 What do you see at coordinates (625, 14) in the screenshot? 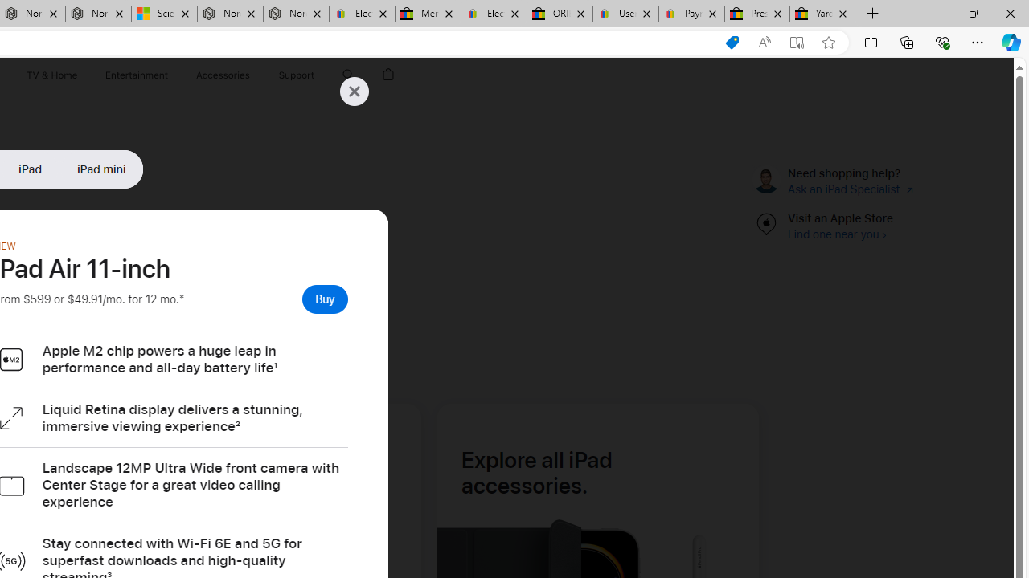
I see `'User Privacy Notice | eBay'` at bounding box center [625, 14].